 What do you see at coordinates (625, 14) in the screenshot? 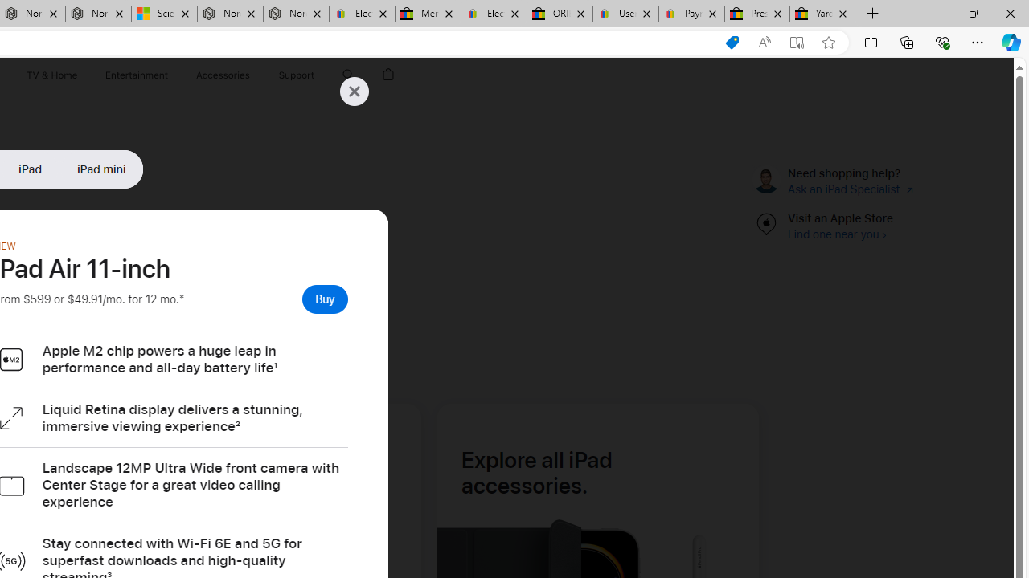
I see `'User Privacy Notice | eBay'` at bounding box center [625, 14].